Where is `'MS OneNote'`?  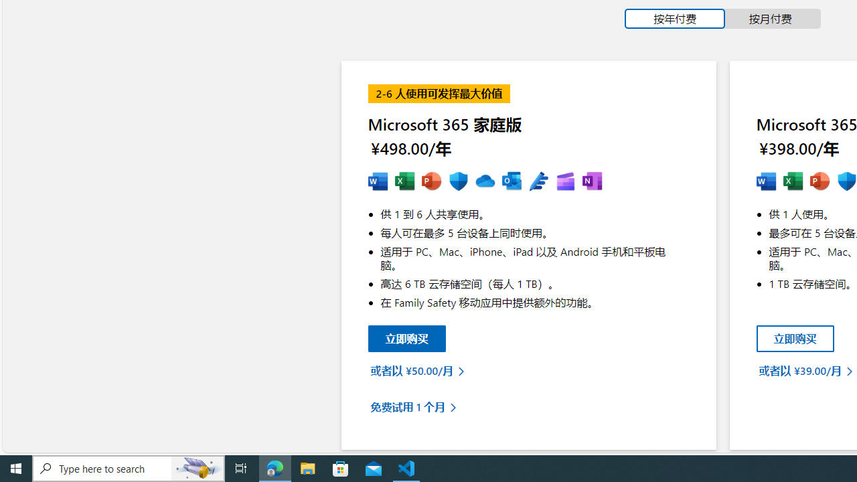 'MS OneNote' is located at coordinates (591, 181).